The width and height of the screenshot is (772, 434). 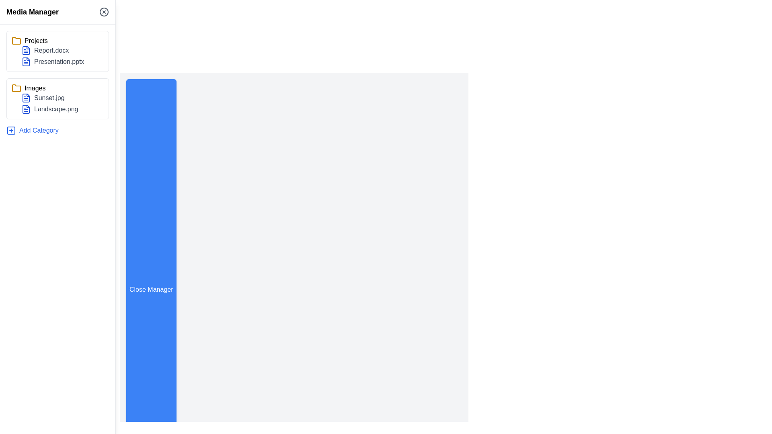 I want to click on the filename 'Sunset.jpg' or 'Landscape.png' in the left sidebar under the 'Images' heading, so click(x=57, y=103).